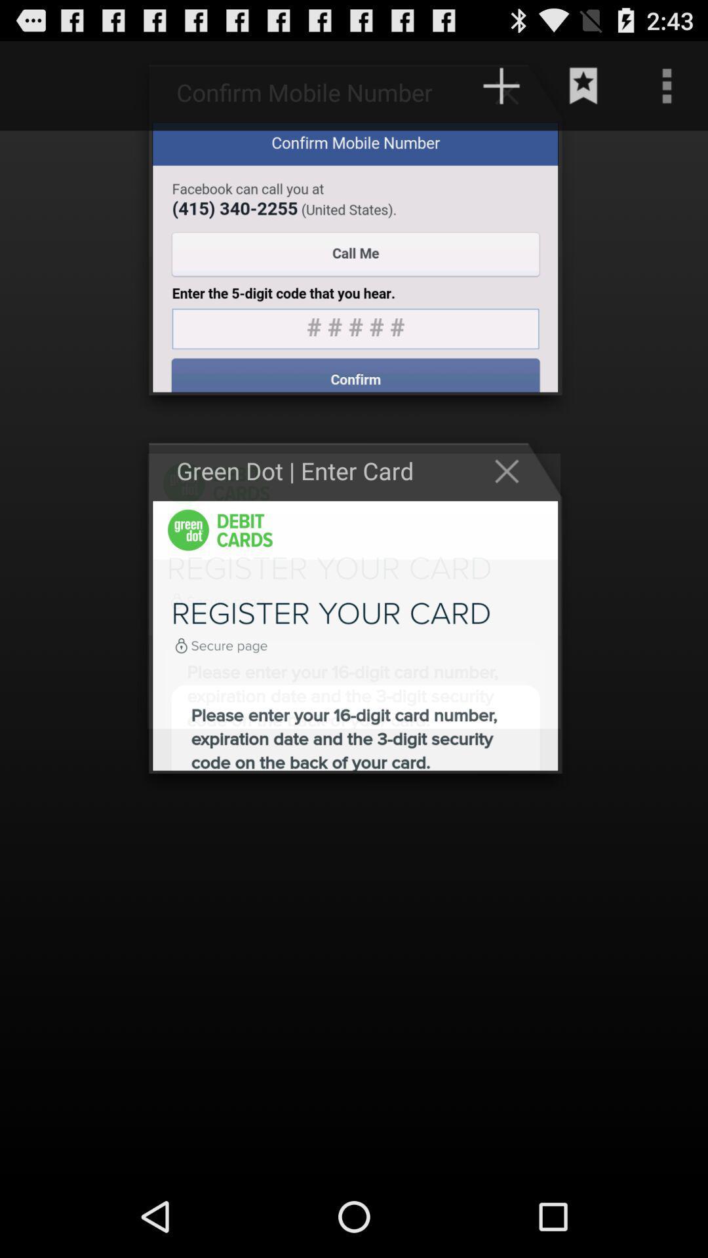 The width and height of the screenshot is (708, 1258). I want to click on the add icon, so click(501, 91).